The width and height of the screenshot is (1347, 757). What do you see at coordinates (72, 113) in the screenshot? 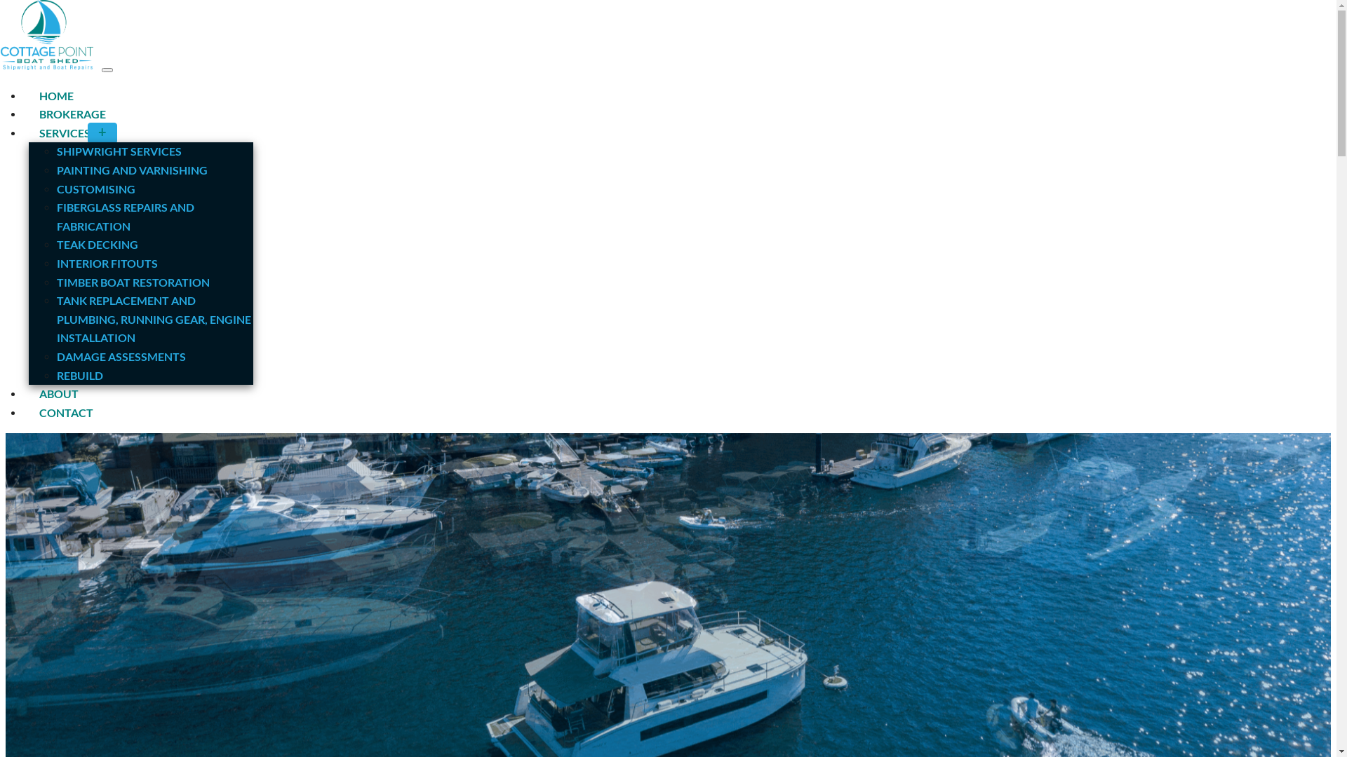
I see `'BROKERAGE'` at bounding box center [72, 113].